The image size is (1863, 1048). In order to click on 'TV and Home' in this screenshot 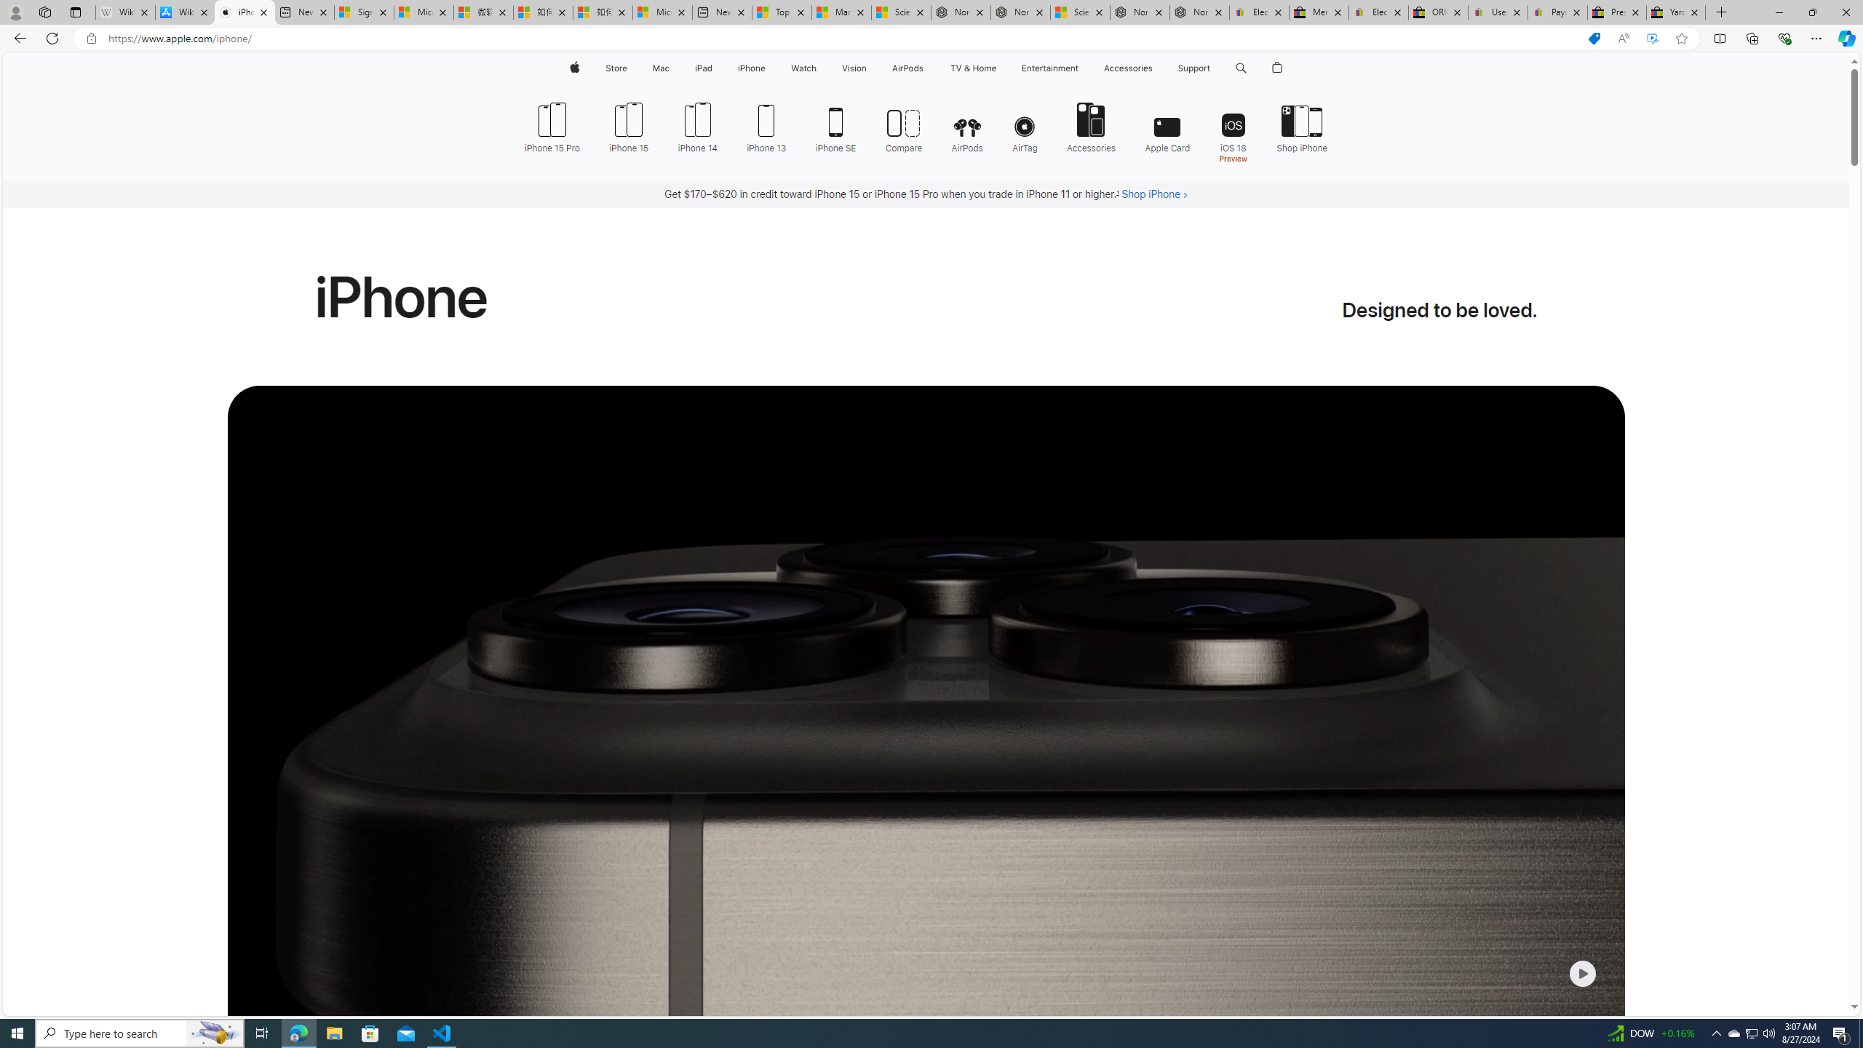, I will do `click(972, 68)`.